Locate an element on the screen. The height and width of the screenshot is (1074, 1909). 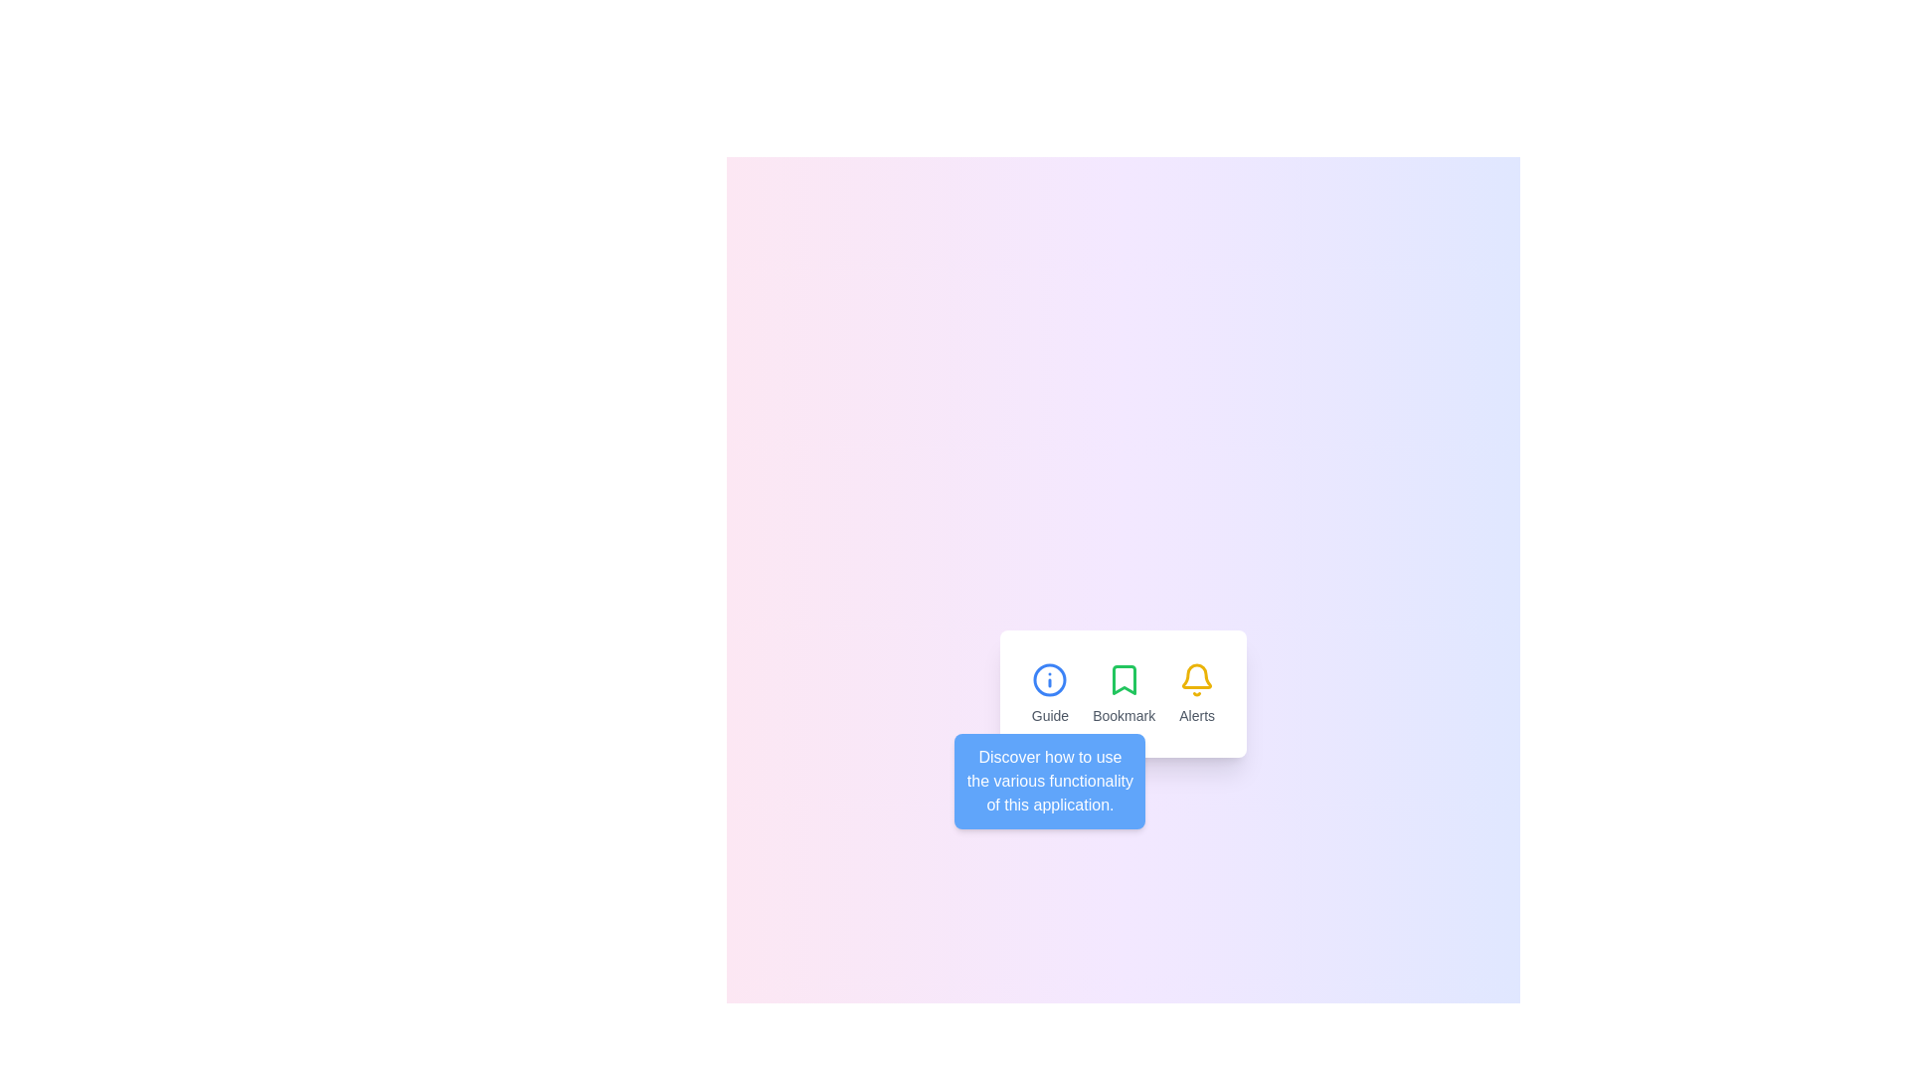
the bookmark icon, which is the second icon in a horizontal grouping of three elements, located at the center of its bounding box is located at coordinates (1124, 678).